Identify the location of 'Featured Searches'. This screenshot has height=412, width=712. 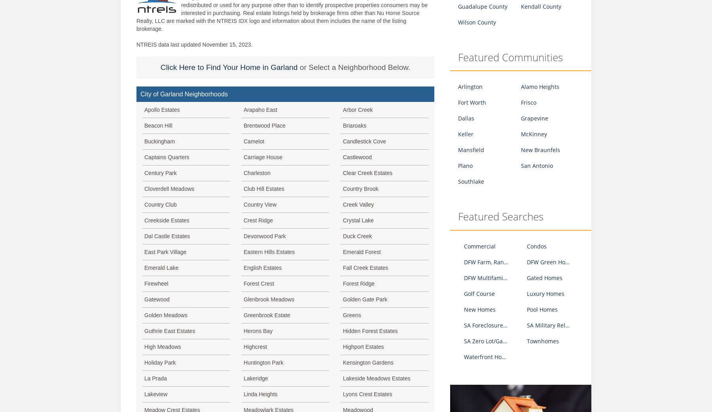
(500, 216).